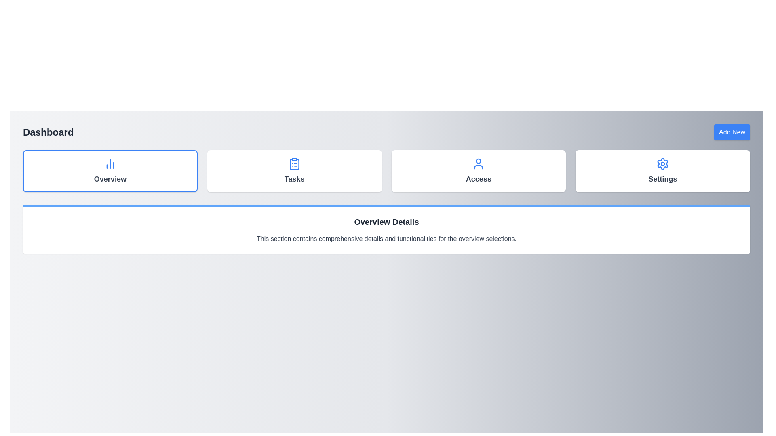 The width and height of the screenshot is (776, 436). I want to click on the 'Access' button, which is a rectangular button with a white background and a blue user icon above the text, located between the 'Tasks' and 'Settings' buttons, so click(479, 171).